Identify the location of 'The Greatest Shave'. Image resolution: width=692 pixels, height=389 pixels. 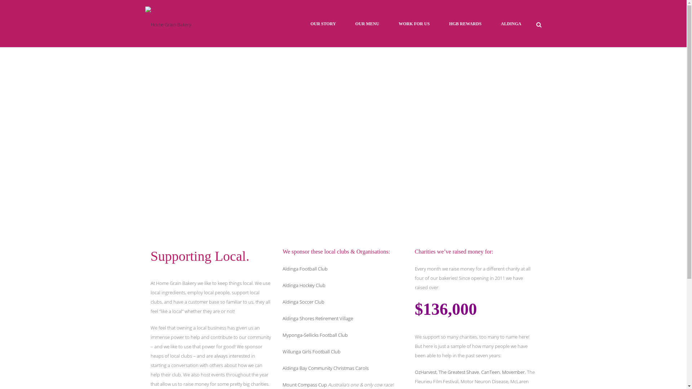
(458, 372).